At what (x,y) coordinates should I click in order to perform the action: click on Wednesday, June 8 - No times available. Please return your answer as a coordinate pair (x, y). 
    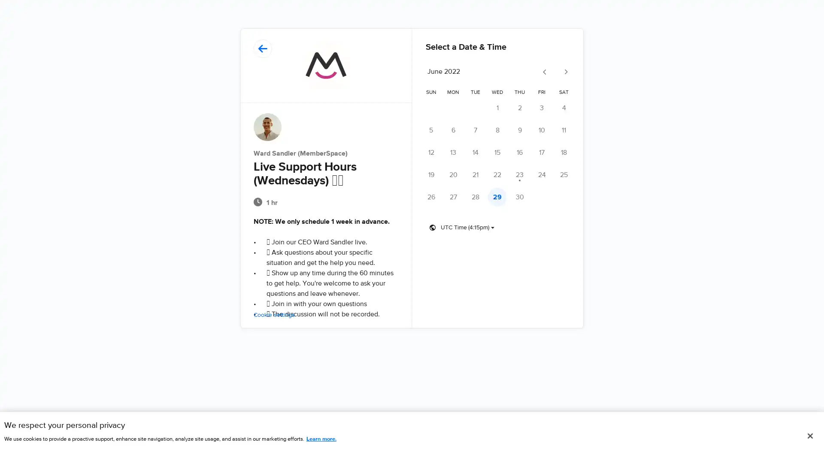
    Looking at the image, I should click on (497, 130).